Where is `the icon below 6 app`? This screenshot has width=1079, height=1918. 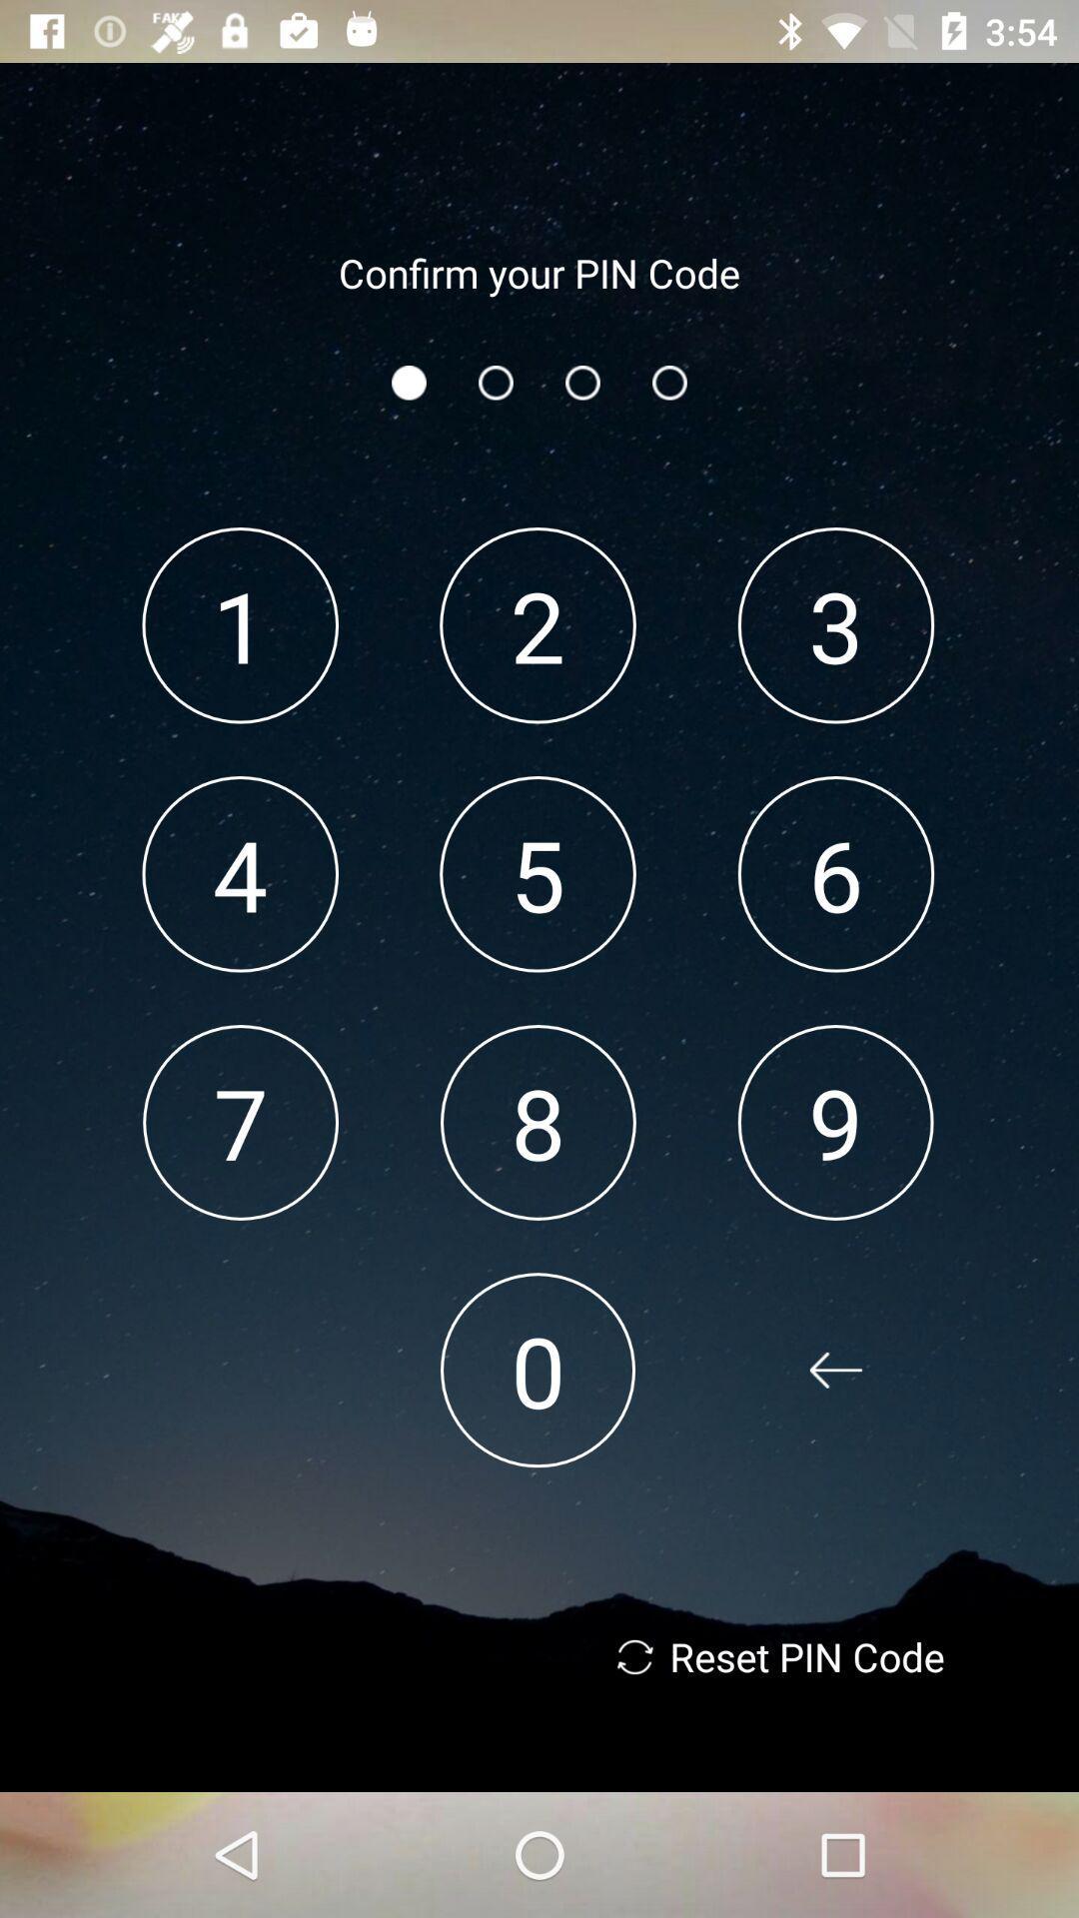
the icon below 6 app is located at coordinates (835, 1122).